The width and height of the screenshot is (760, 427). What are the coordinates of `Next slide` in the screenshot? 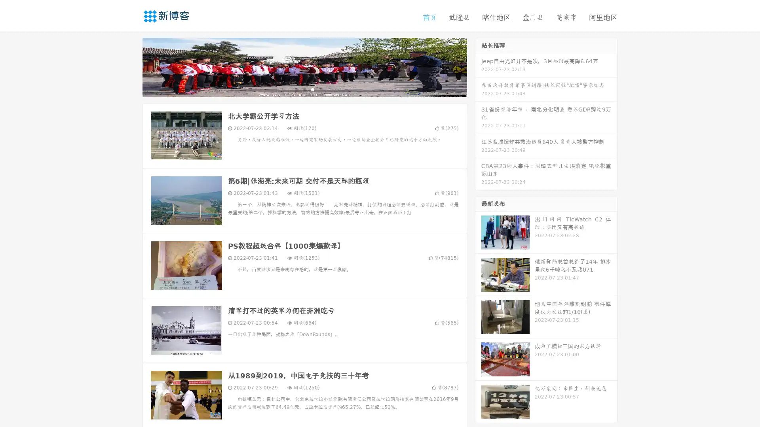 It's located at (478, 66).